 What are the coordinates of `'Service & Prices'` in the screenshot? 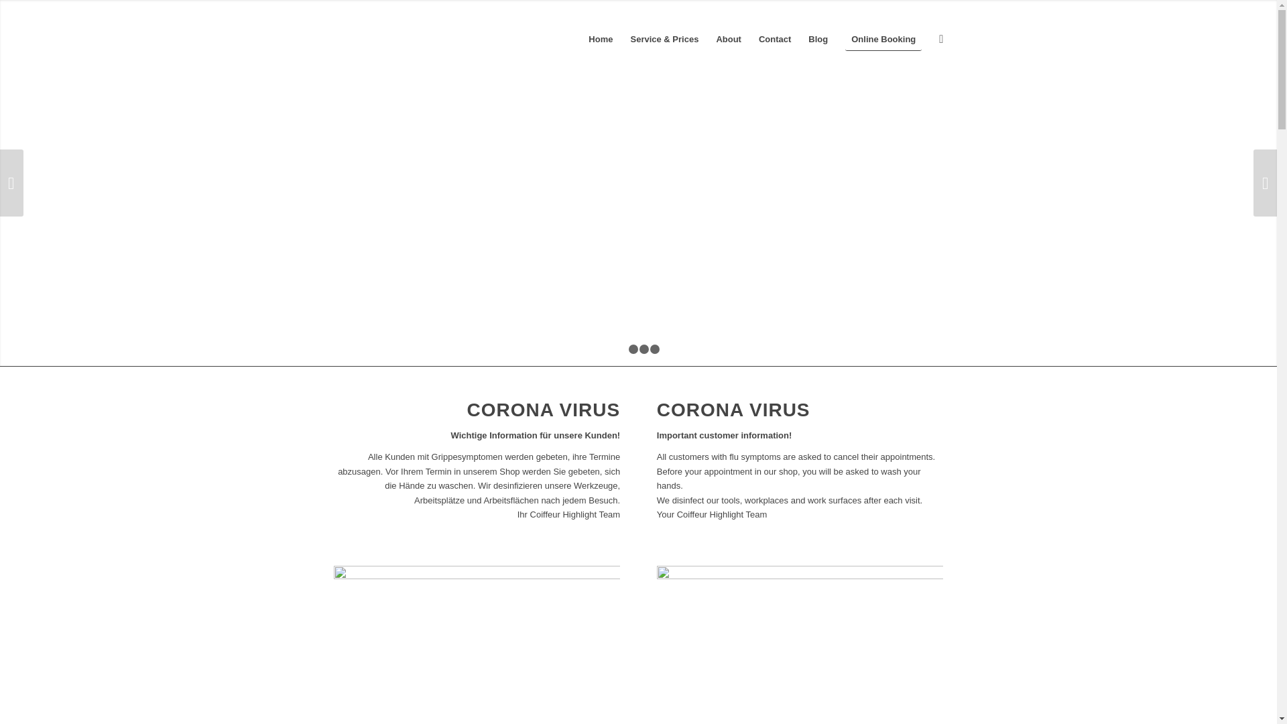 It's located at (664, 38).